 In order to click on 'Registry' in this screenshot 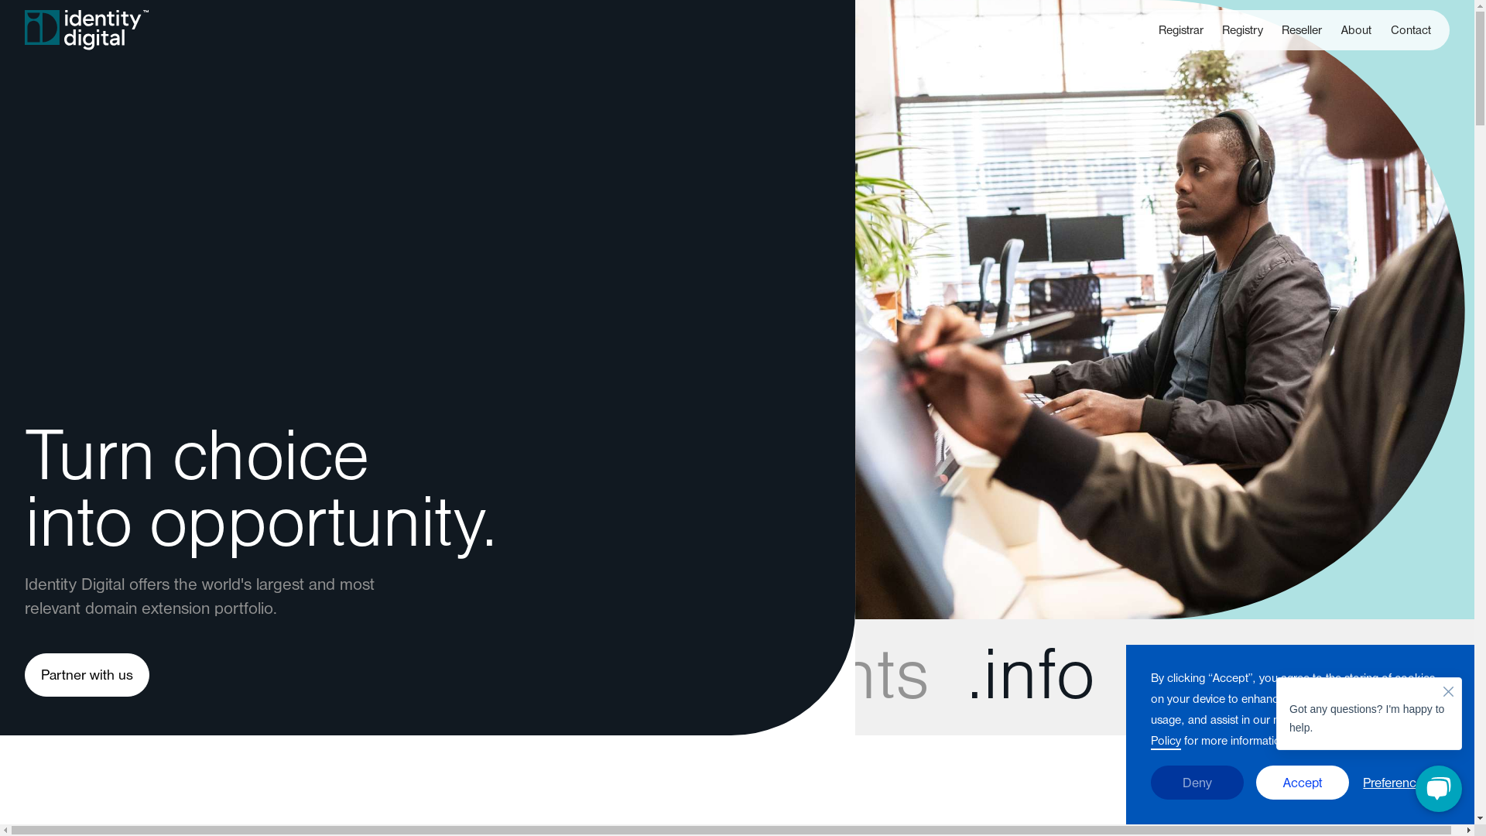, I will do `click(1242, 32)`.